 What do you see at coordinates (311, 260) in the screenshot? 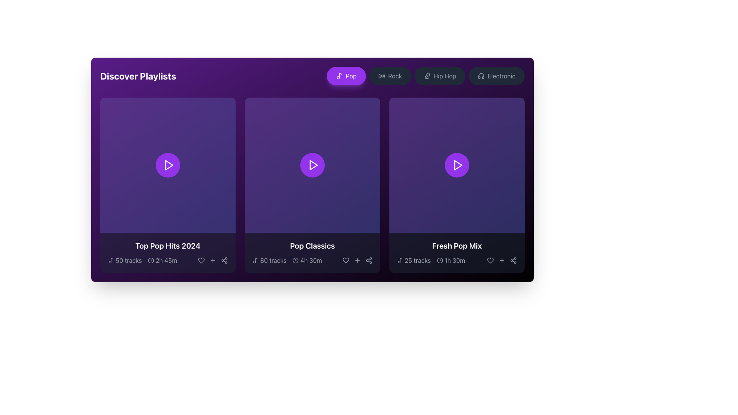
I see `the text label displaying the time duration '4h 30m' on the 'Pop Classics' playlist card, which is styled in a light color font against a dark purple background` at bounding box center [311, 260].